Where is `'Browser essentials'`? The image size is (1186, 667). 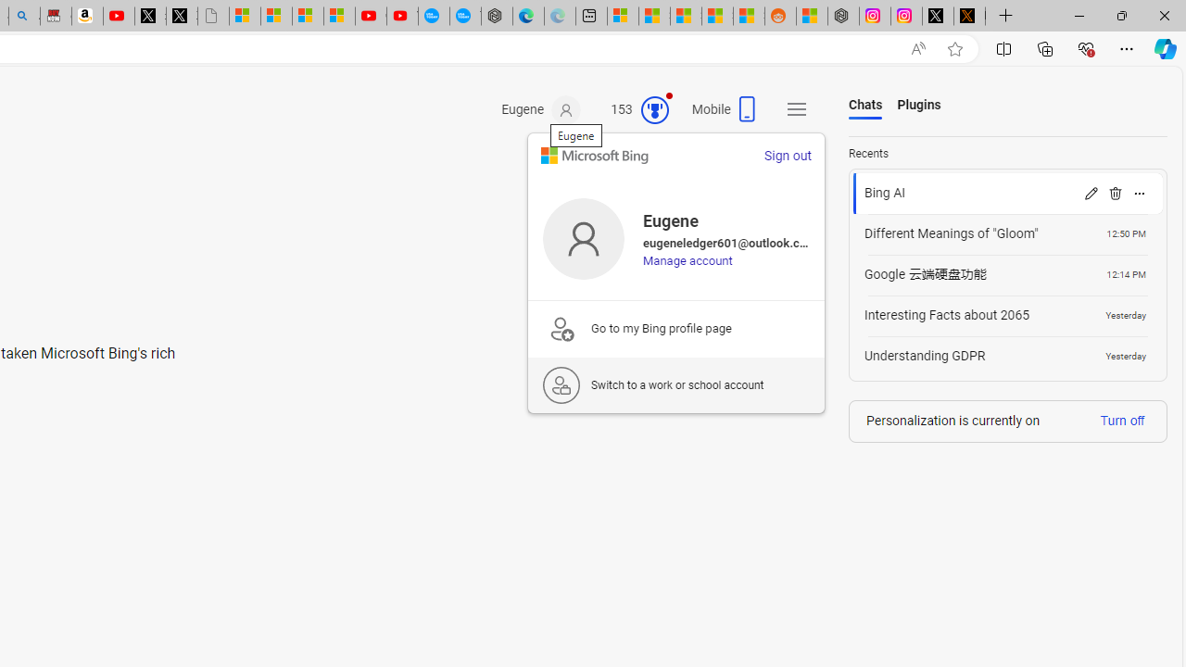 'Browser essentials' is located at coordinates (1085, 47).